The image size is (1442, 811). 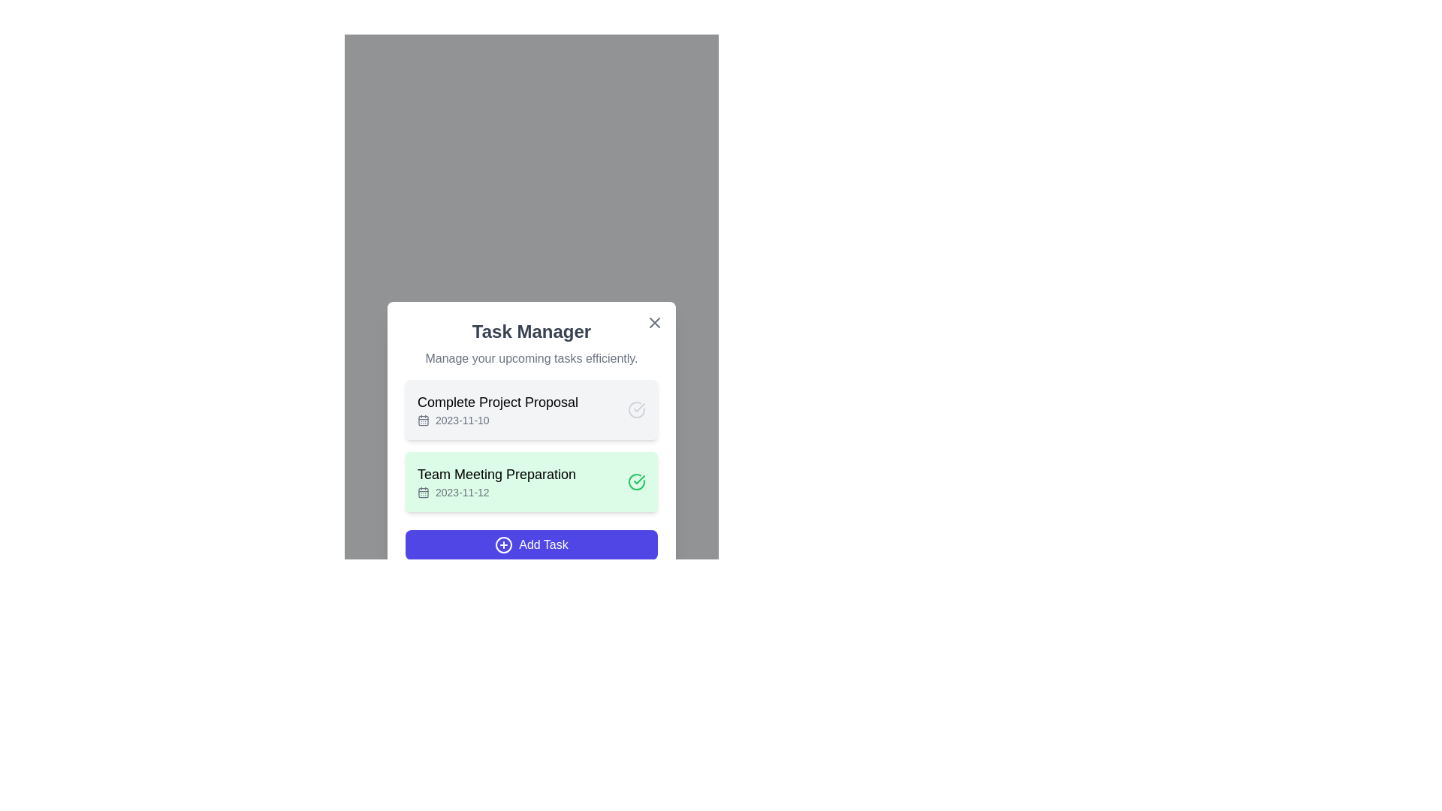 What do you see at coordinates (504, 544) in the screenshot?
I see `the 'Add Task' button by clicking on its center, which contains an SVG Circle as part of its icon` at bounding box center [504, 544].